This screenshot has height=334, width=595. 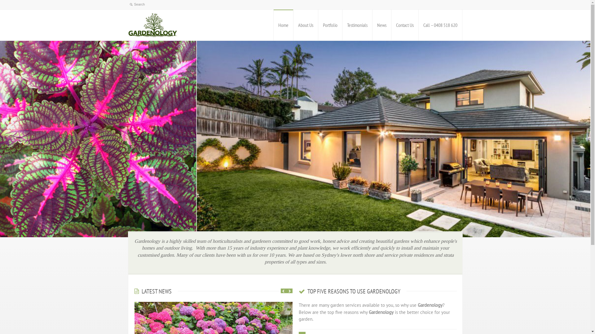 What do you see at coordinates (283, 25) in the screenshot?
I see `'Home'` at bounding box center [283, 25].